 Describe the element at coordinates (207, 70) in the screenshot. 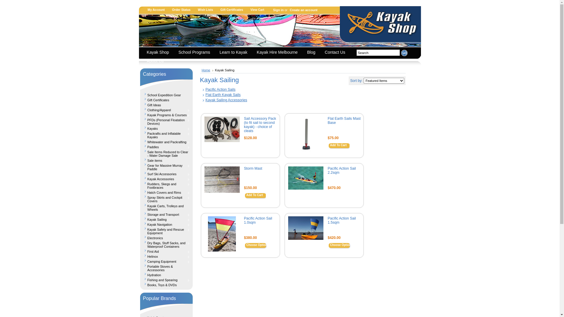

I see `'Home'` at that location.